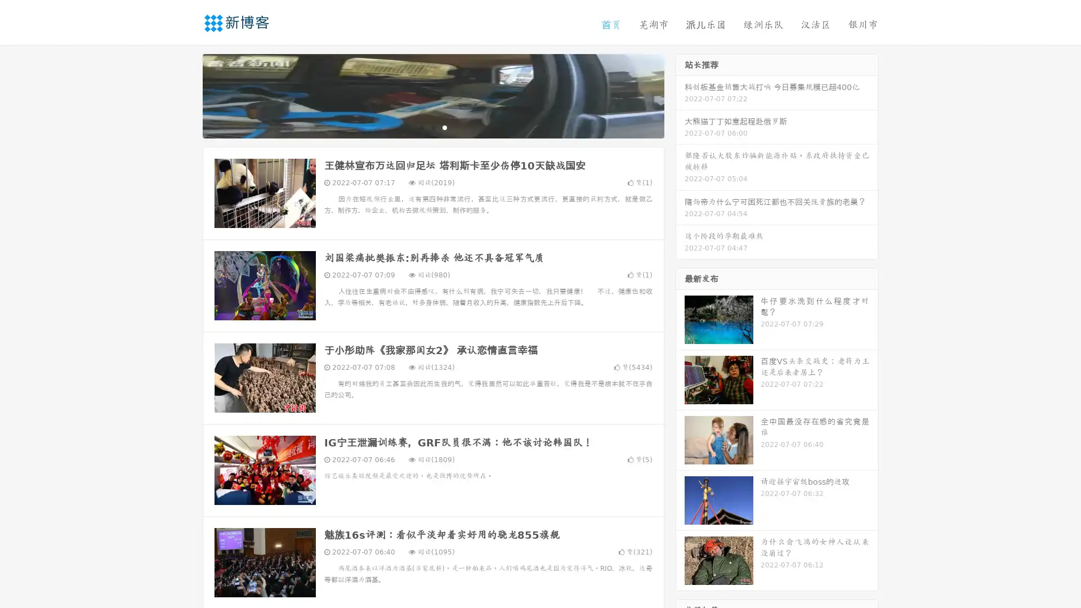  Describe the element at coordinates (421, 127) in the screenshot. I see `Go to slide 1` at that location.